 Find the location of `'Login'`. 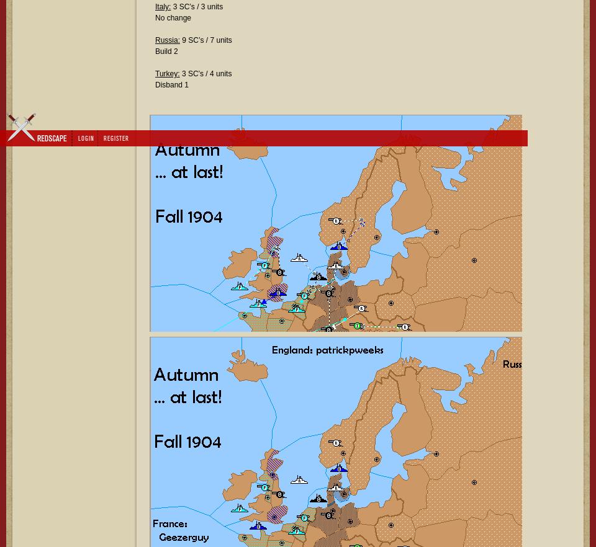

'Login' is located at coordinates (86, 138).